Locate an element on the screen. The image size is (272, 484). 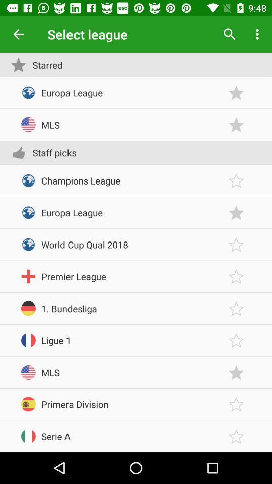
put a gold star on this country is located at coordinates (236, 436).